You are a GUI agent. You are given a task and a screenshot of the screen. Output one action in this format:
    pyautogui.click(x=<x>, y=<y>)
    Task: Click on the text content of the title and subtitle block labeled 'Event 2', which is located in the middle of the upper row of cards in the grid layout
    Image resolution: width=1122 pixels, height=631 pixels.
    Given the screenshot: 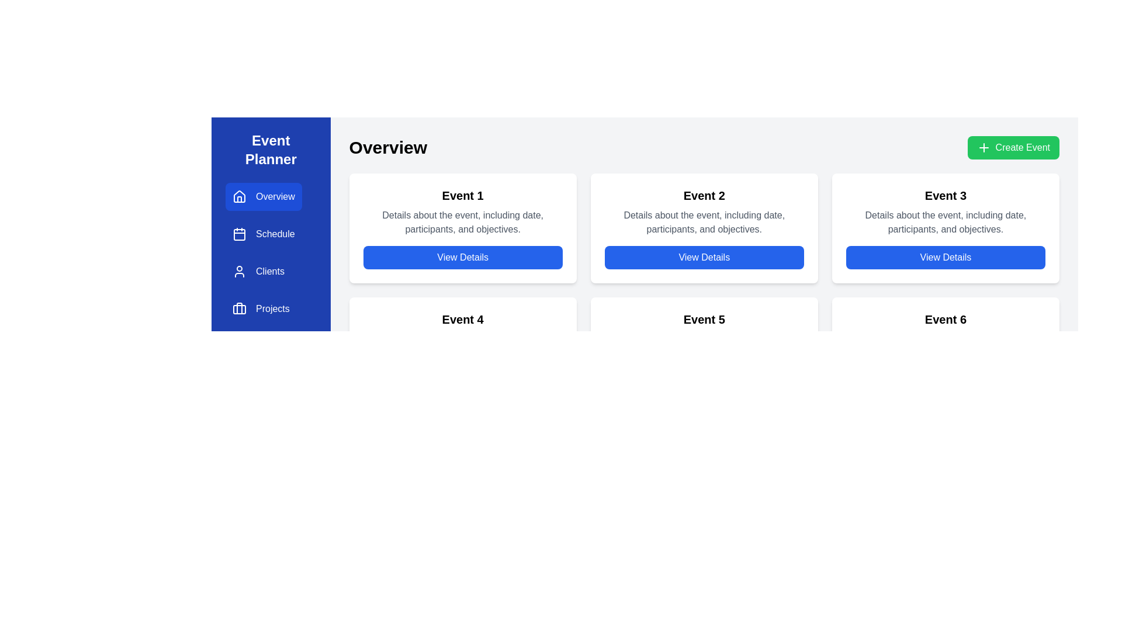 What is the action you would take?
    pyautogui.click(x=704, y=212)
    